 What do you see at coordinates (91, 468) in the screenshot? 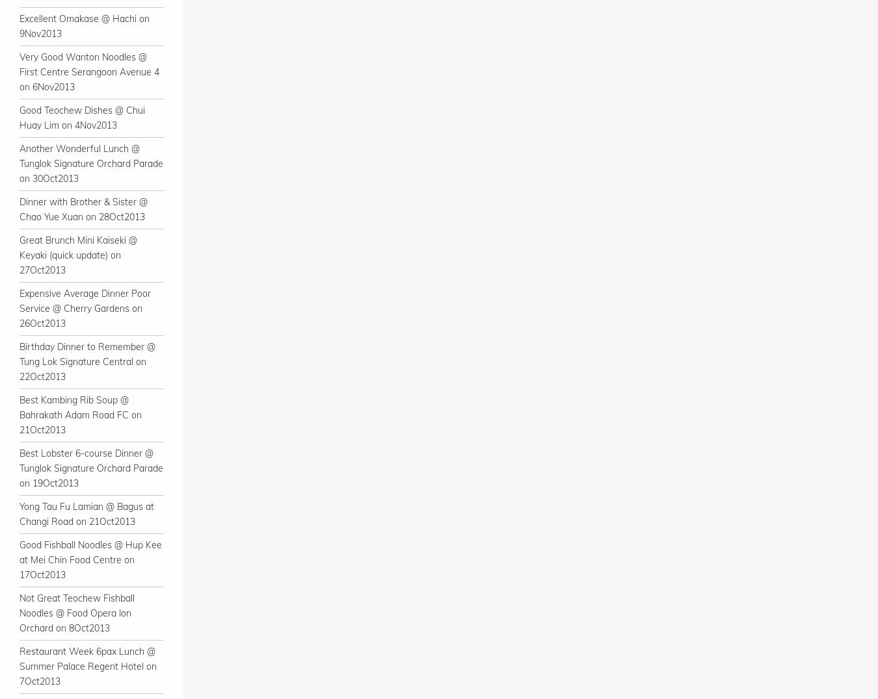
I see `'Best Lobster 6-course Dinner @ Tunglok Signature Orchard Parade on 19Oct2013'` at bounding box center [91, 468].